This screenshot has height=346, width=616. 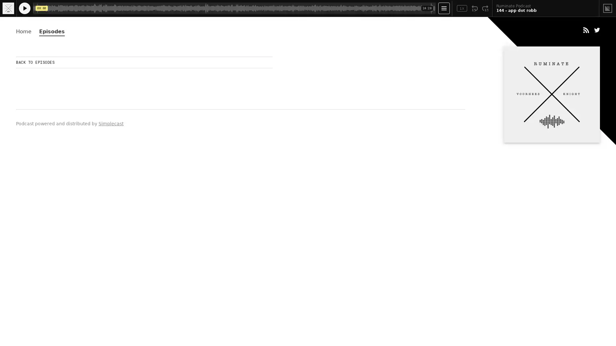 I want to click on Play, so click(x=81, y=86).